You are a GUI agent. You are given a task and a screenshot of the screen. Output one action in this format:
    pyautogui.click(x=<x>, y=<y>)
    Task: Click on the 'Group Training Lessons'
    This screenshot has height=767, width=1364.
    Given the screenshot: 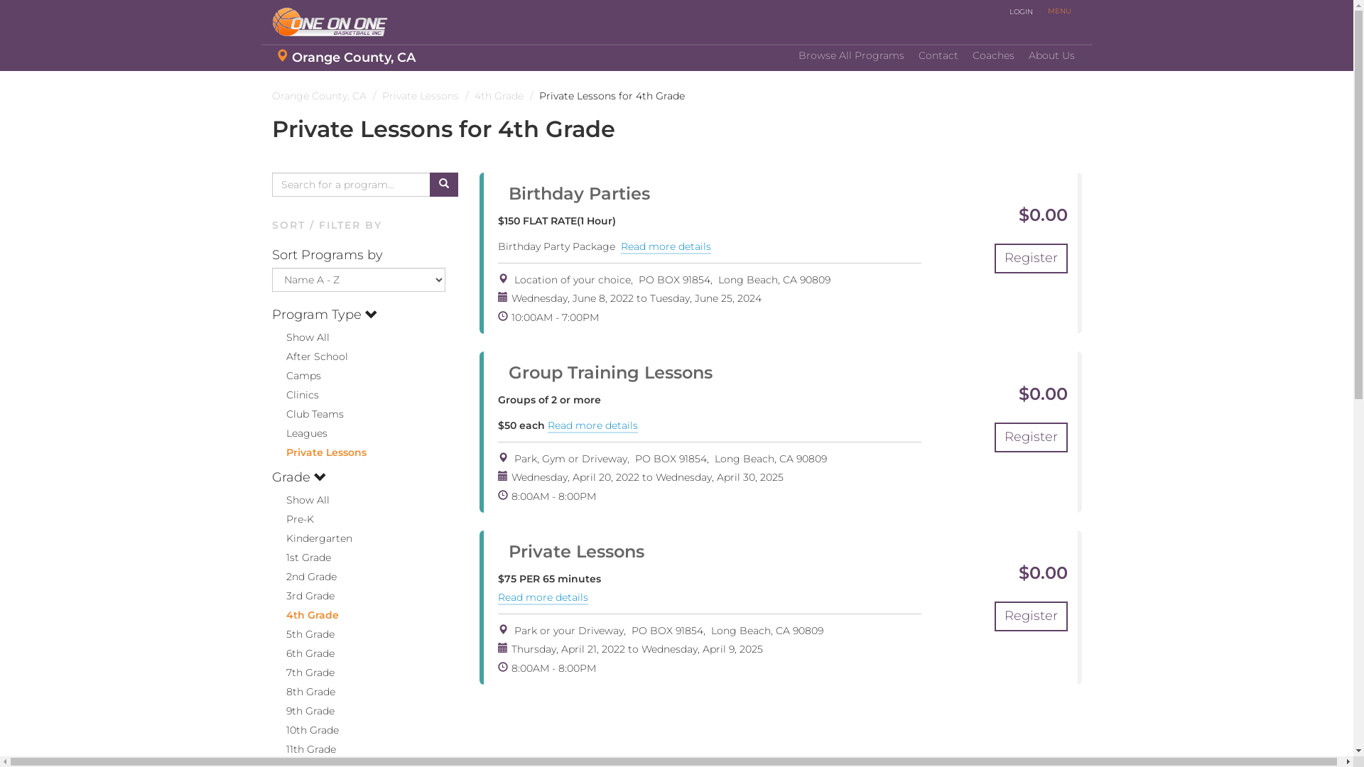 What is the action you would take?
    pyautogui.click(x=605, y=371)
    